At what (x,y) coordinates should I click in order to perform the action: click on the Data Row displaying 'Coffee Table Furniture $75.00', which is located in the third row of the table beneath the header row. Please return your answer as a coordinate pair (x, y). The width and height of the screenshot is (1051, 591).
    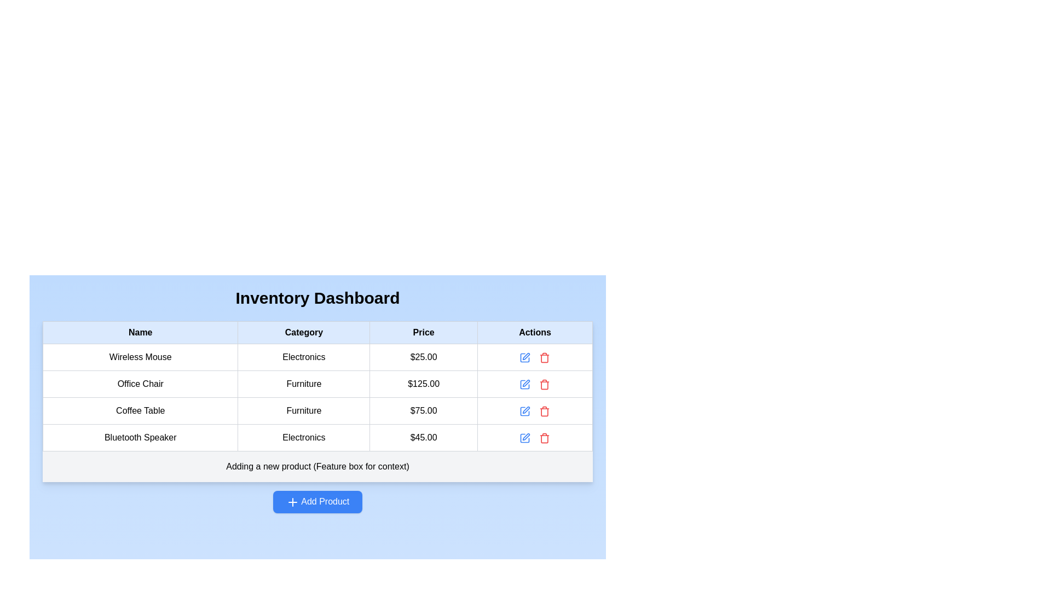
    Looking at the image, I should click on (317, 411).